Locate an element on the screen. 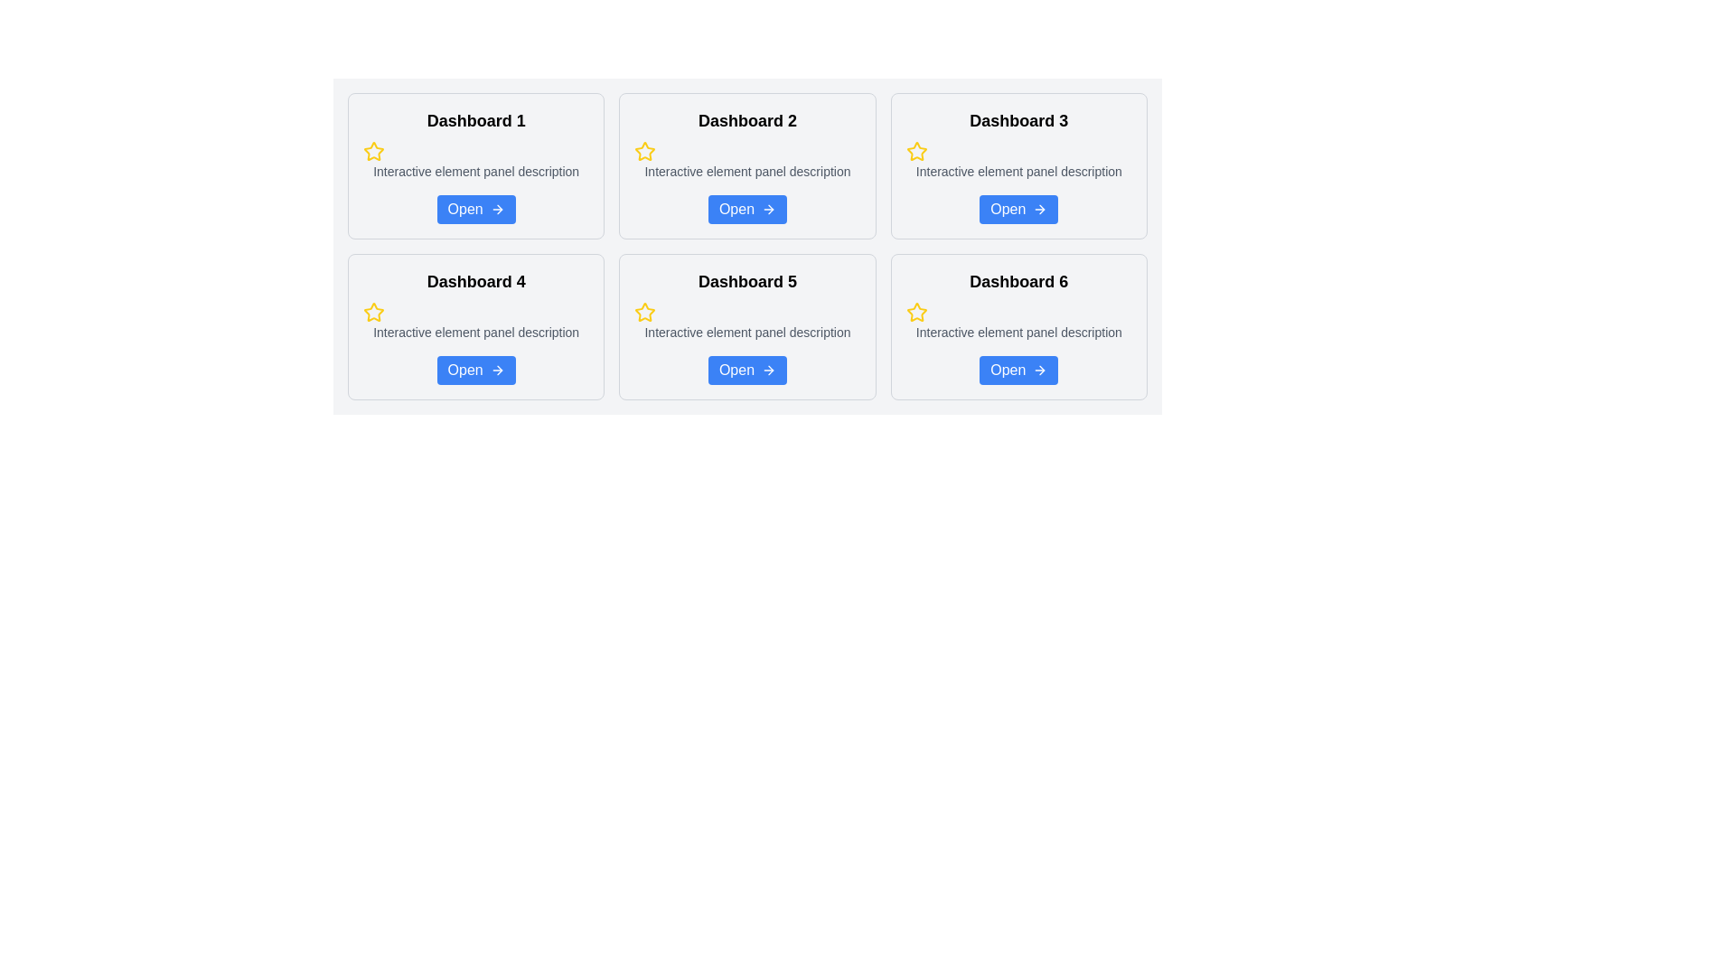 The height and width of the screenshot is (976, 1735). the state change of the 'Open' button in the 'Dashboard 1' card by hovering over the right-facing arrow icon, which is styled in blue with a white fill and a thin border is located at coordinates (497, 208).